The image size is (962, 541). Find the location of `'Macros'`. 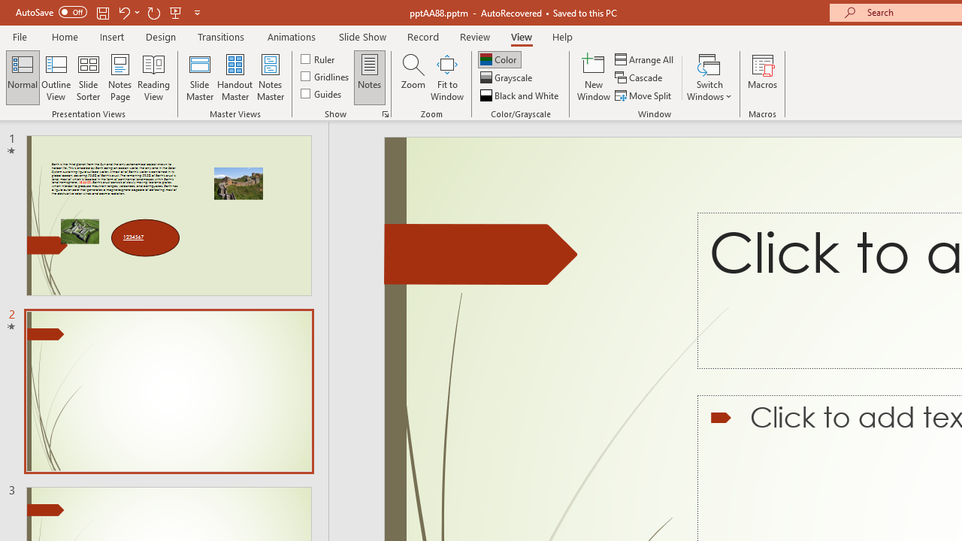

'Macros' is located at coordinates (763, 77).